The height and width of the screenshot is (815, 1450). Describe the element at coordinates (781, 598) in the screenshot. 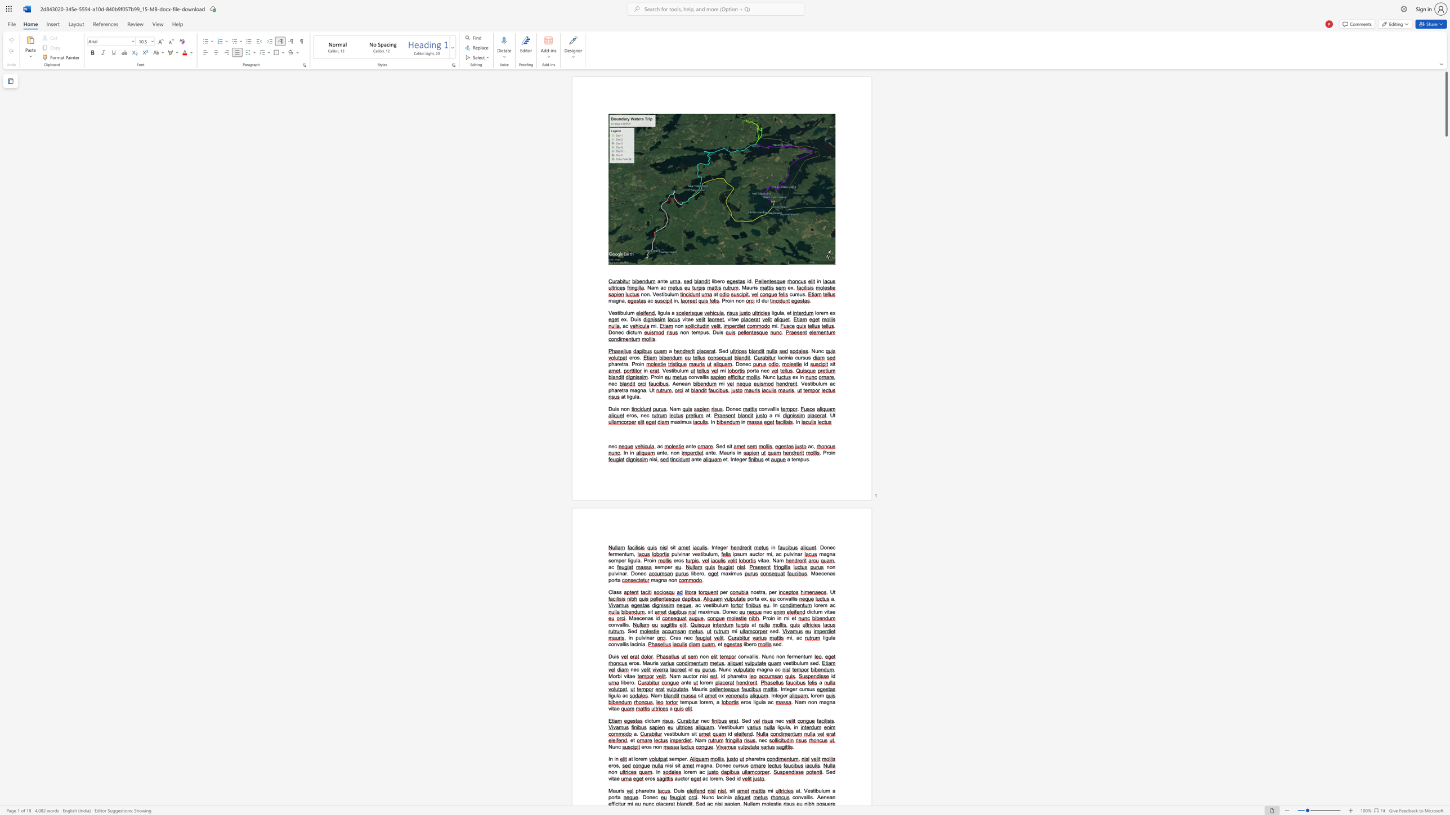

I see `the 1th character "o" in the text` at that location.